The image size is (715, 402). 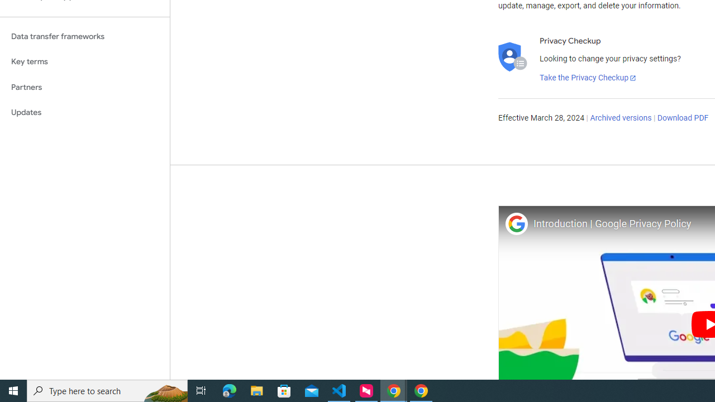 What do you see at coordinates (84, 87) in the screenshot?
I see `'Partners'` at bounding box center [84, 87].